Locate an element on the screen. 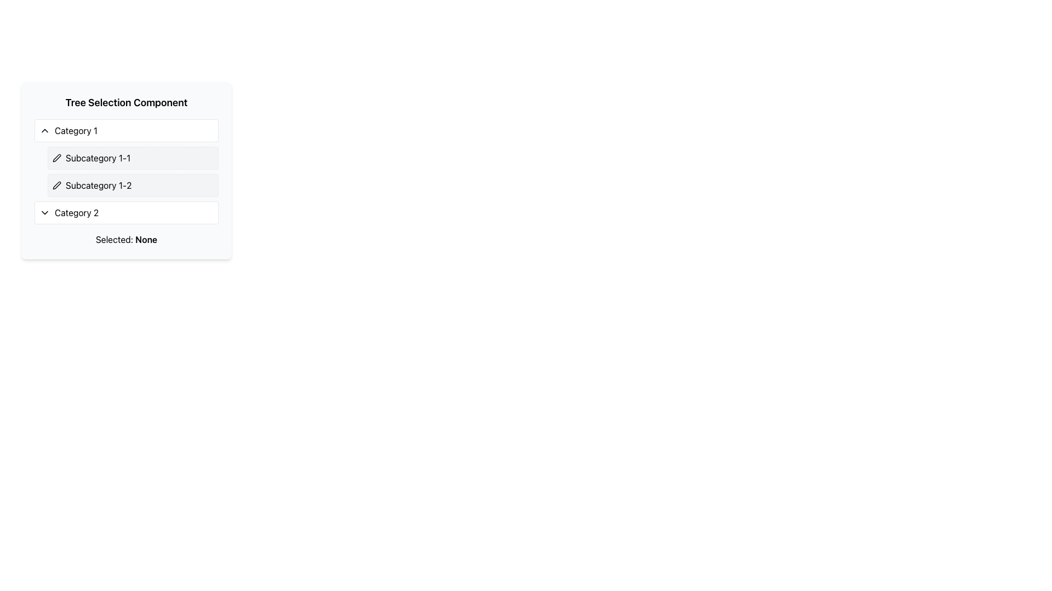  the chevron icon located next to the 'Category 1' text in the tree selection component is located at coordinates (44, 130).